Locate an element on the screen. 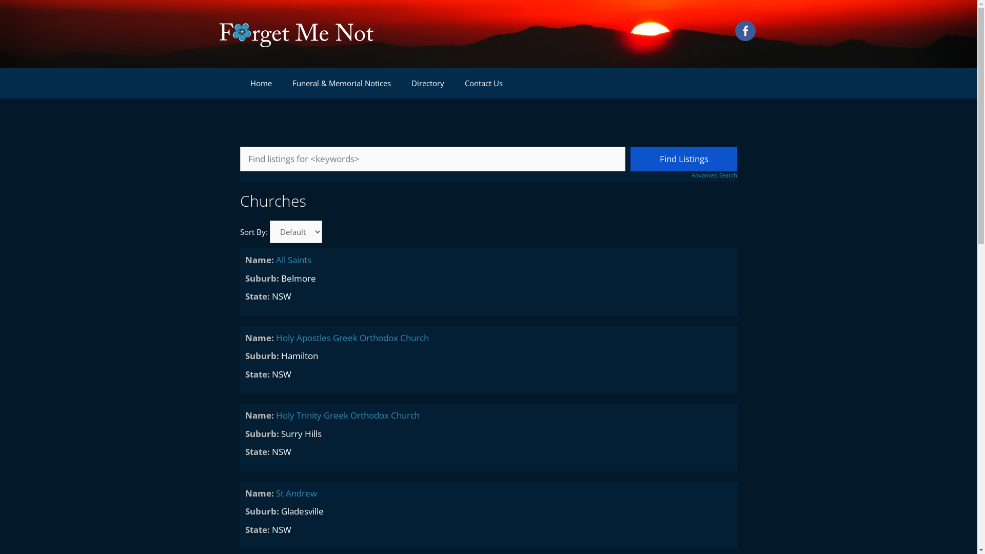 Image resolution: width=985 pixels, height=554 pixels. 'All Saints' is located at coordinates (293, 259).